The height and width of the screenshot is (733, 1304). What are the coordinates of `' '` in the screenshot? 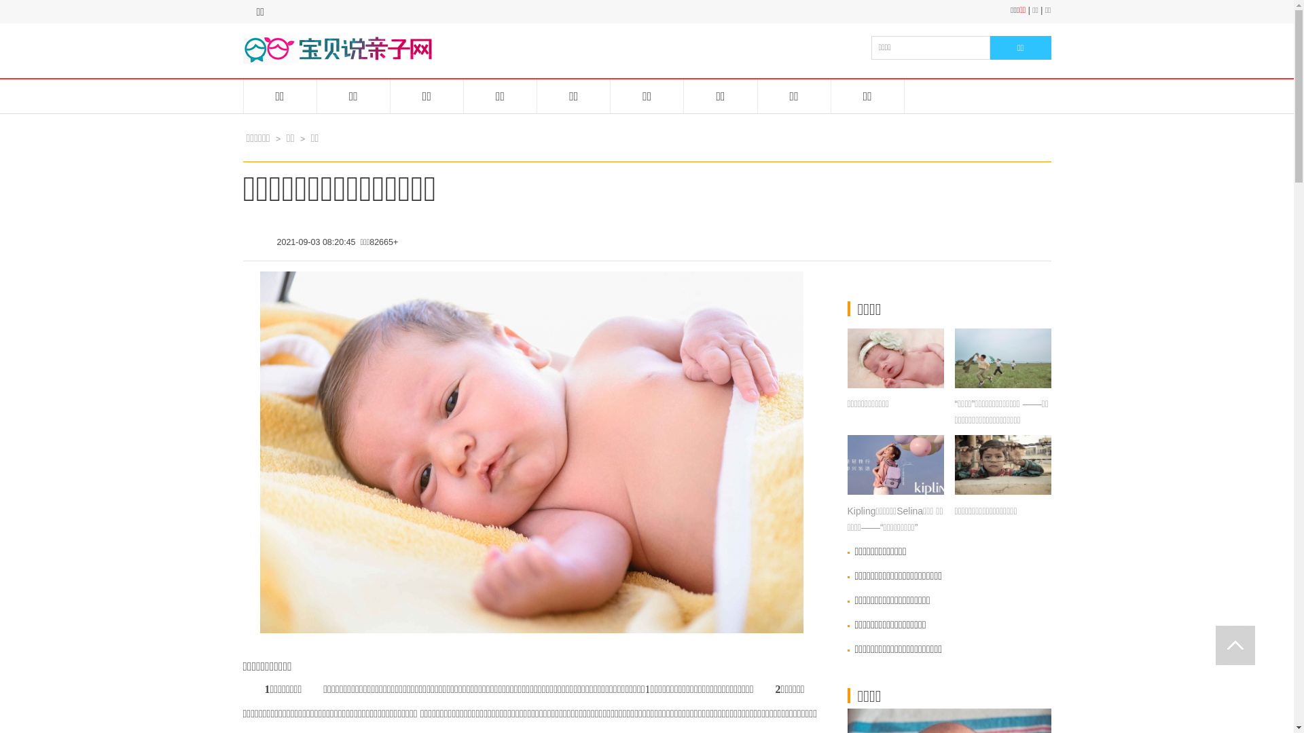 It's located at (1235, 645).